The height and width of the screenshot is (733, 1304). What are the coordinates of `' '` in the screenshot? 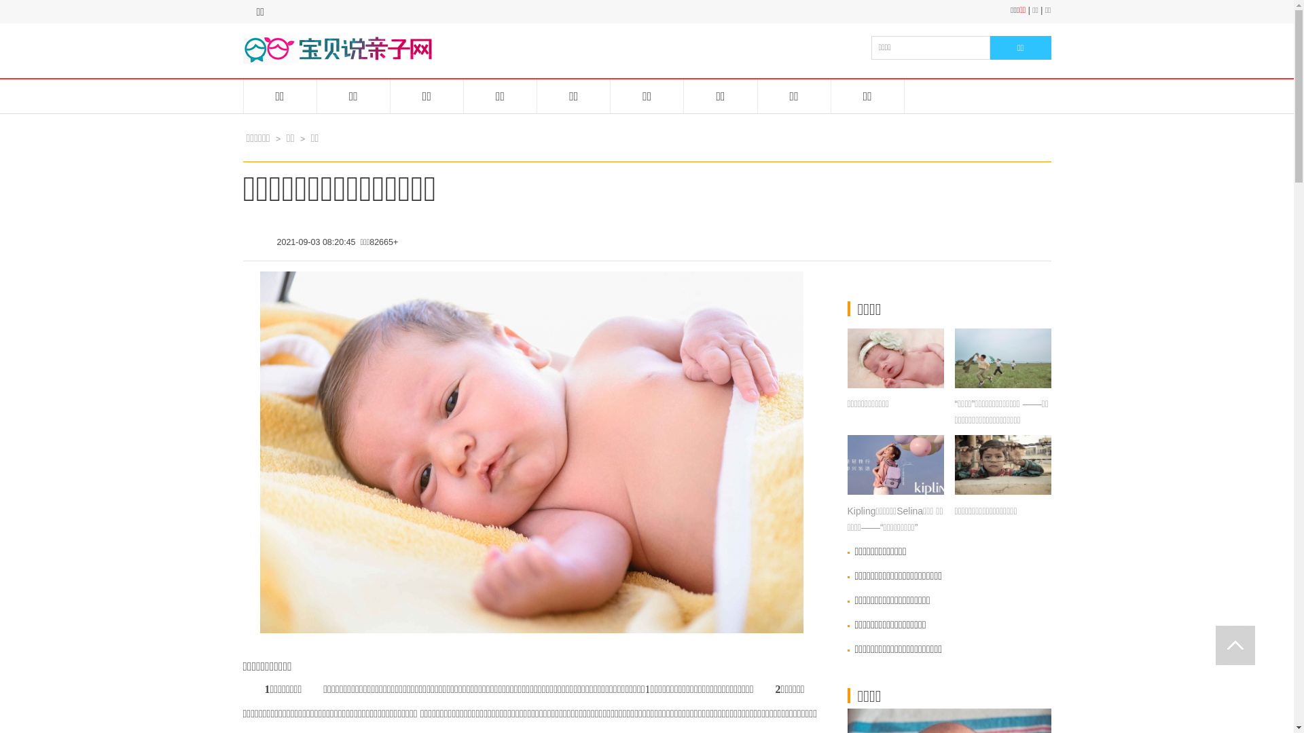 It's located at (1235, 645).